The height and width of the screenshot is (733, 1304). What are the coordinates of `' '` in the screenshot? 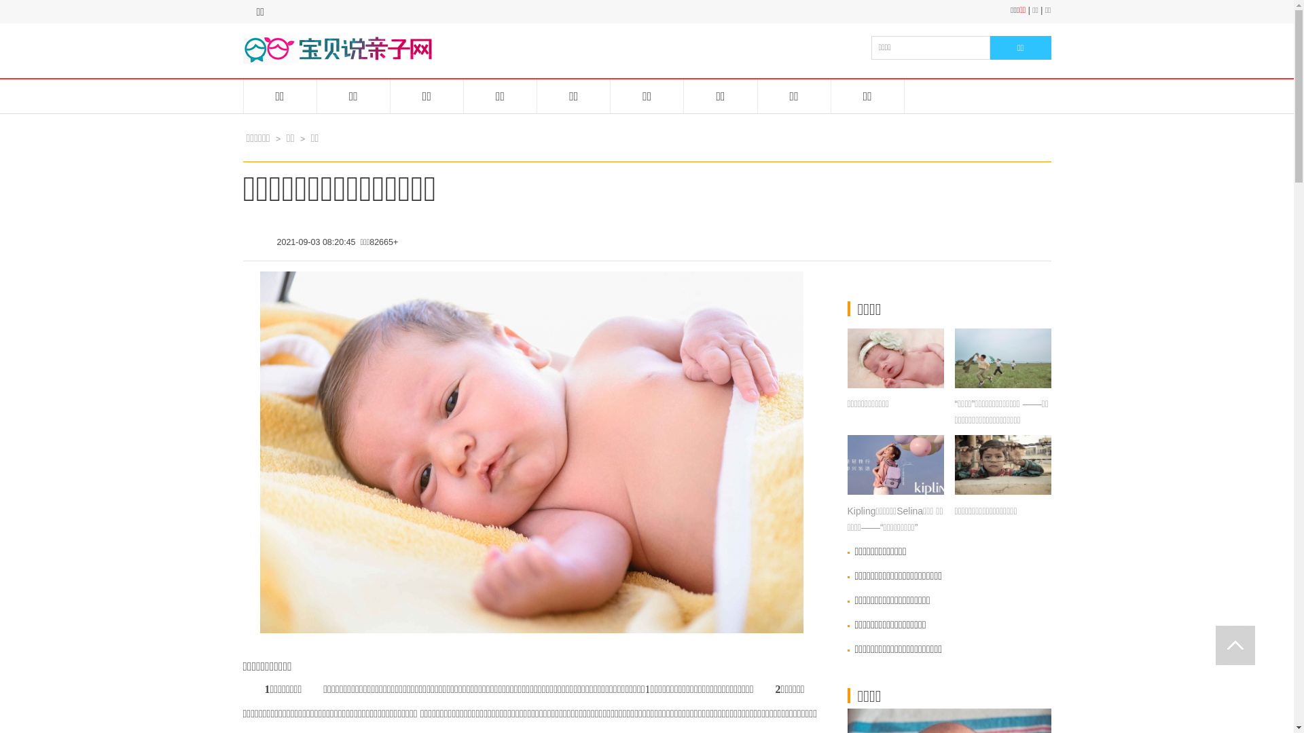 It's located at (1235, 645).